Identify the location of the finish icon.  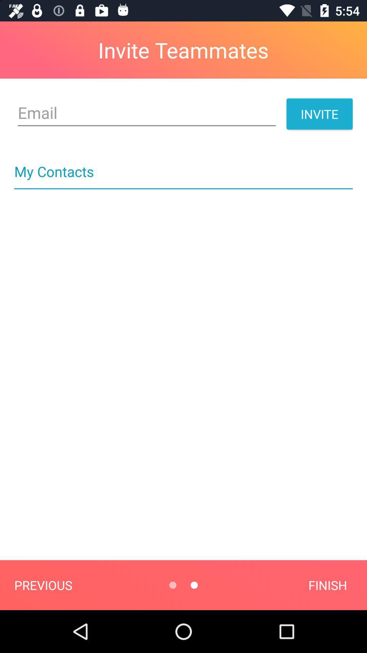
(327, 585).